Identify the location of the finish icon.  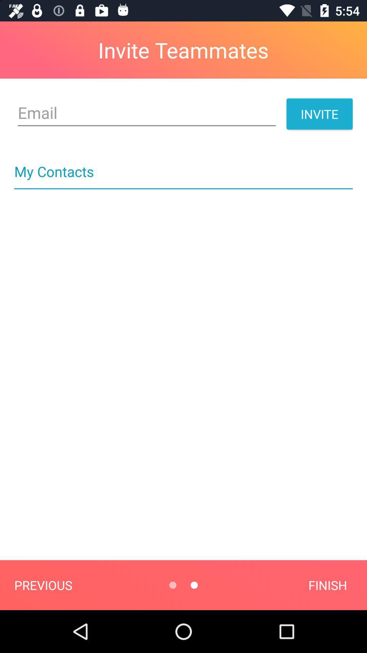
(327, 585).